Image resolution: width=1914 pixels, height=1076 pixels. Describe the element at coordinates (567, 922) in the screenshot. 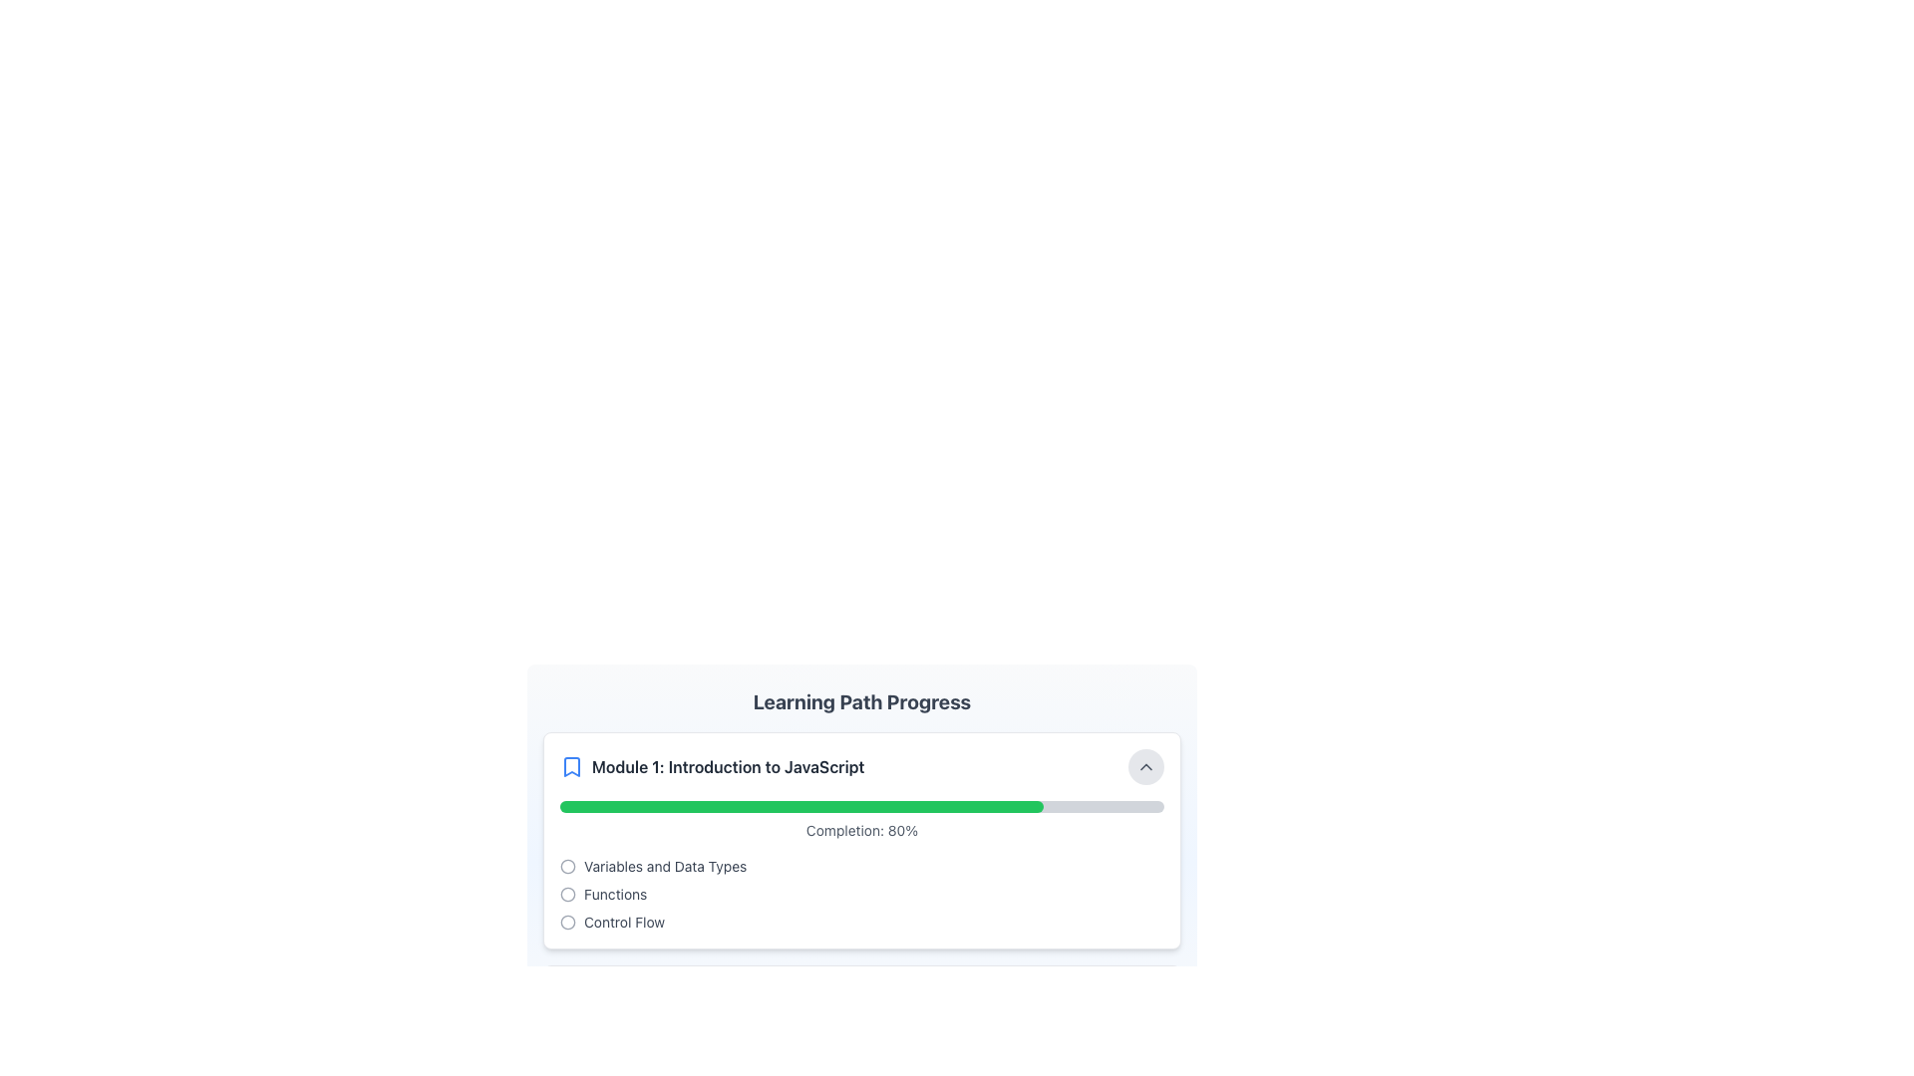

I see `the Indicator Circle, which is a circular shape with a thin outline located in the bottom-right quadrant of the main interface component, part of a grouping of three interactive status indicators under the progress title` at that location.